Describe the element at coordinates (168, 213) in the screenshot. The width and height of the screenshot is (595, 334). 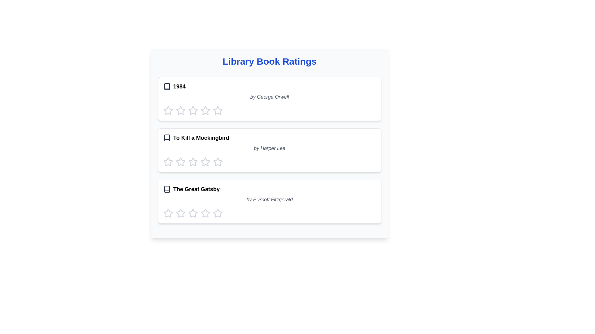
I see `the first star-shaped rating icon, which is part of a set of five stars under the book 'The Great Gatsby', to rate it` at that location.